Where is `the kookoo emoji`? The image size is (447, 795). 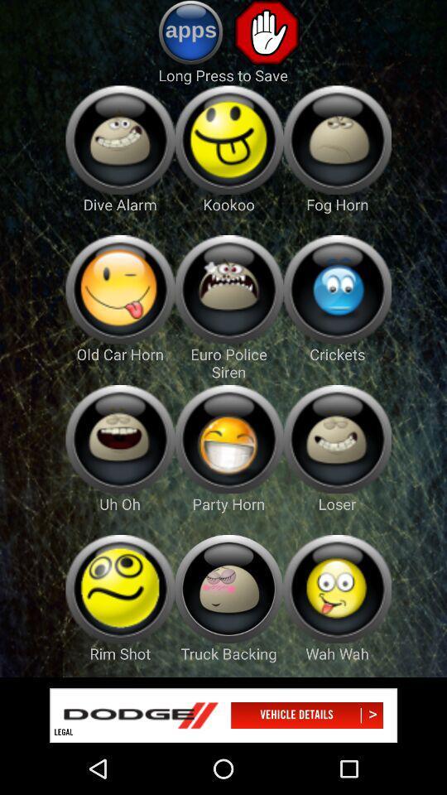
the kookoo emoji is located at coordinates (228, 139).